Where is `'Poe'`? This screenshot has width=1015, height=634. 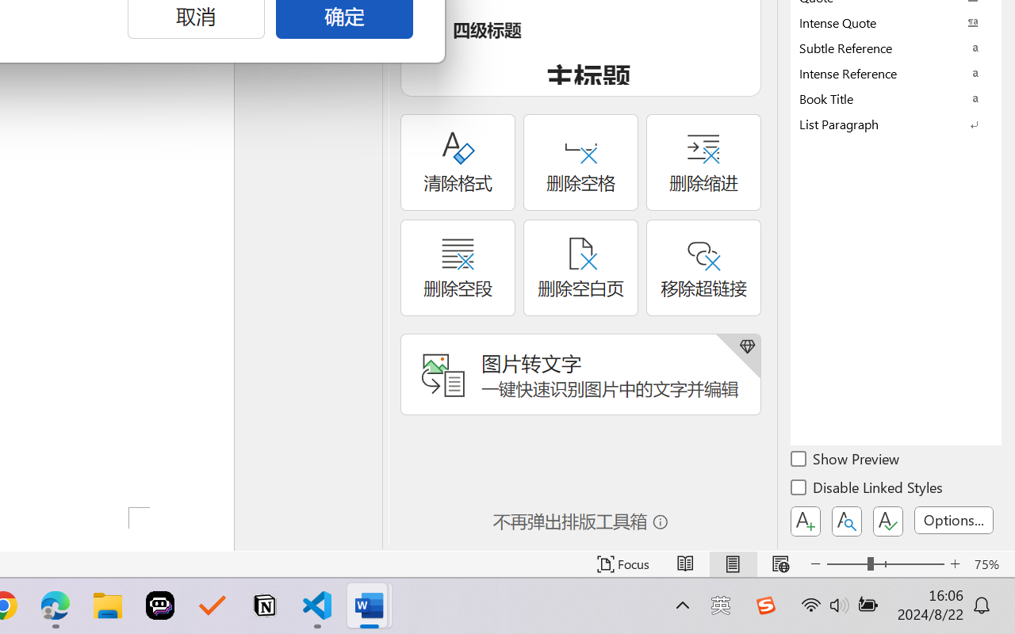 'Poe' is located at coordinates (160, 605).